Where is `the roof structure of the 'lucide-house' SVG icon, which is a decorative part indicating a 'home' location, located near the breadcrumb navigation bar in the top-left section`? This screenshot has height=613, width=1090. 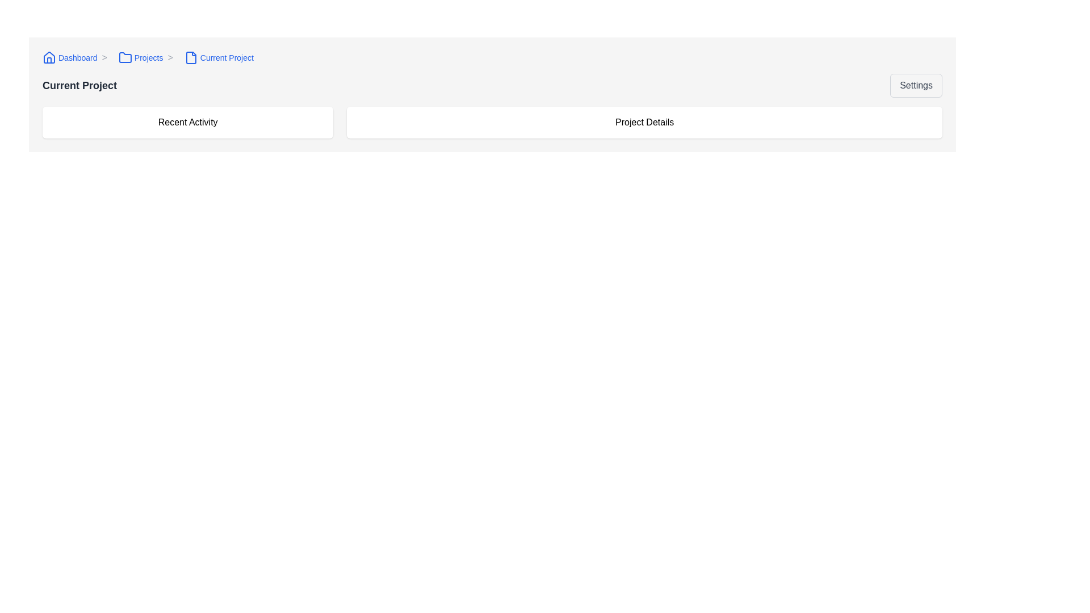
the roof structure of the 'lucide-house' SVG icon, which is a decorative part indicating a 'home' location, located near the breadcrumb navigation bar in the top-left section is located at coordinates (48, 57).